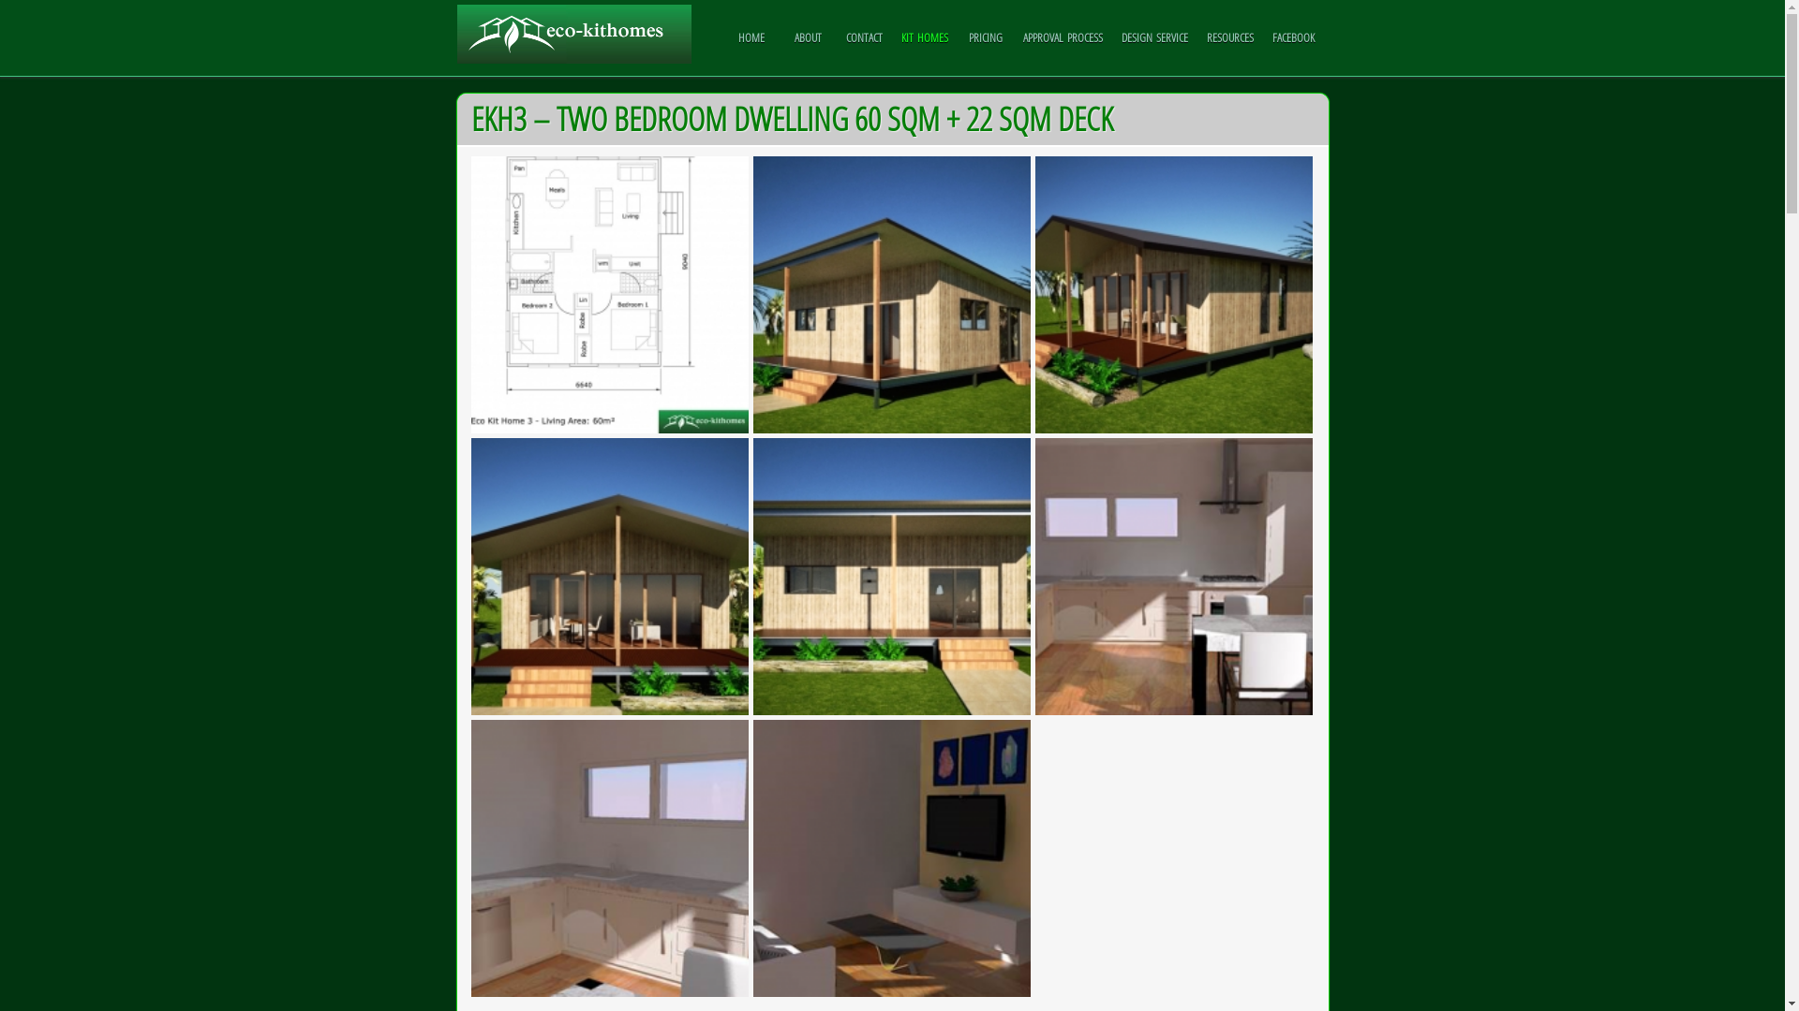  What do you see at coordinates (808, 37) in the screenshot?
I see `'ABOUT'` at bounding box center [808, 37].